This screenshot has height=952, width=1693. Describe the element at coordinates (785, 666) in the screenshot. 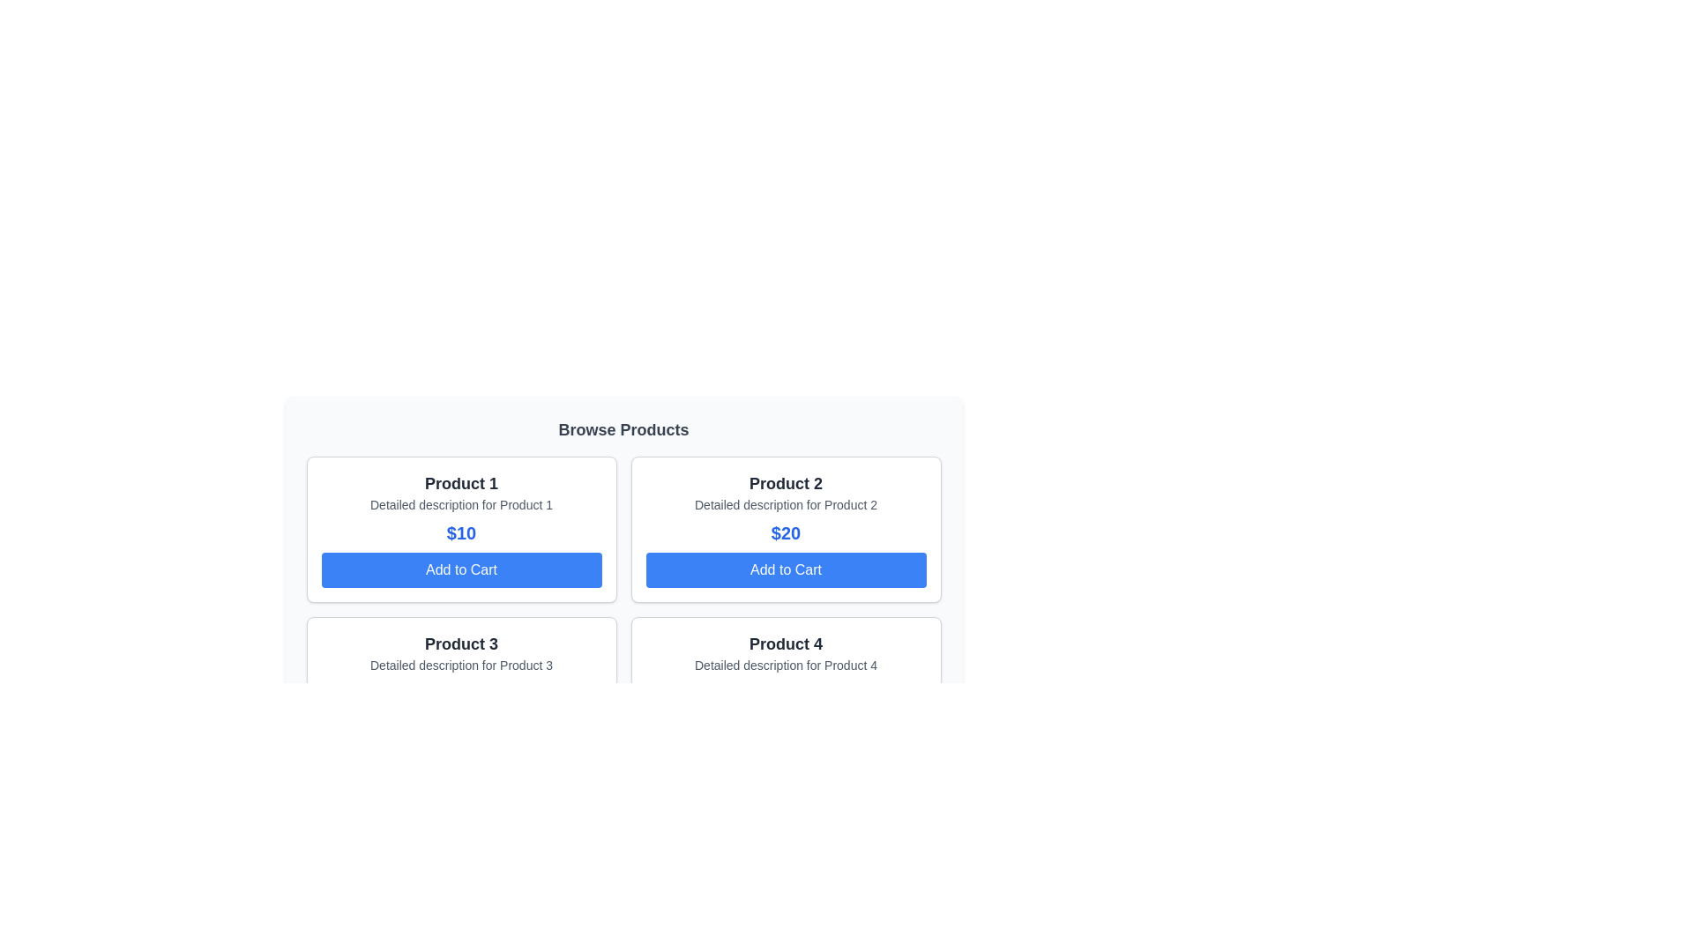

I see `the text element that contains 'Detailed description for Product 4', which is styled in smaller-sized gray text and positioned below the product title and above the price` at that location.